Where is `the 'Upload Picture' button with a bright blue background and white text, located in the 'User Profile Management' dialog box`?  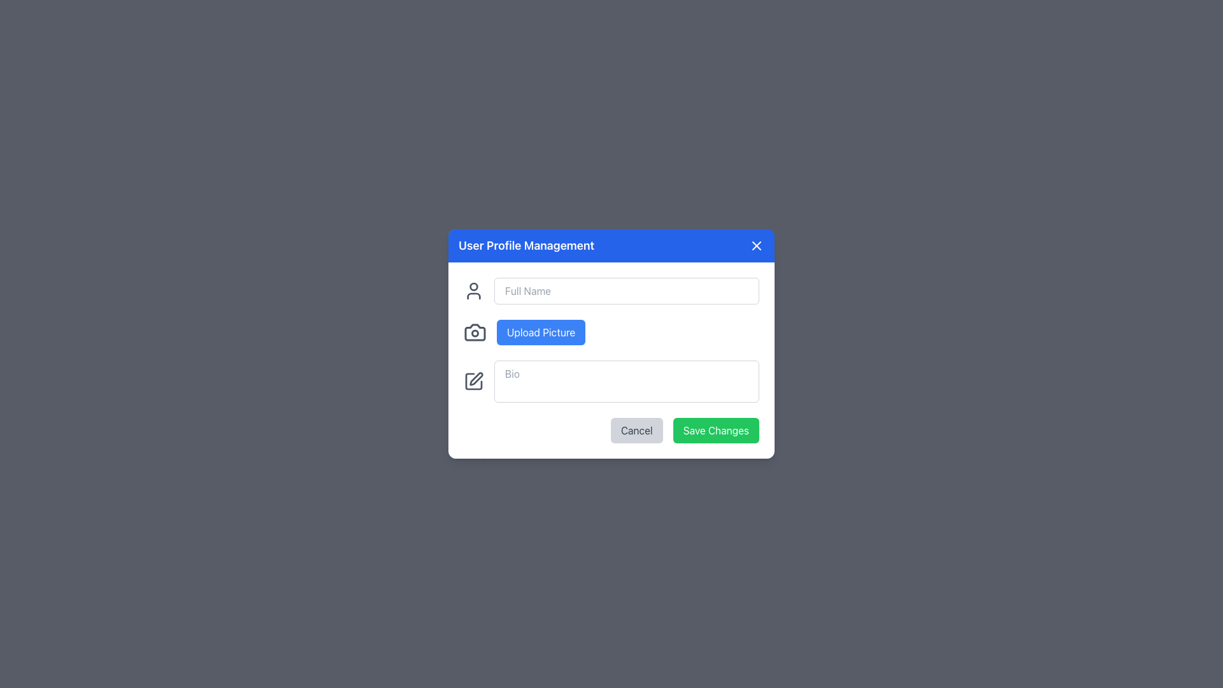
the 'Upload Picture' button with a bright blue background and white text, located in the 'User Profile Management' dialog box is located at coordinates (541, 331).